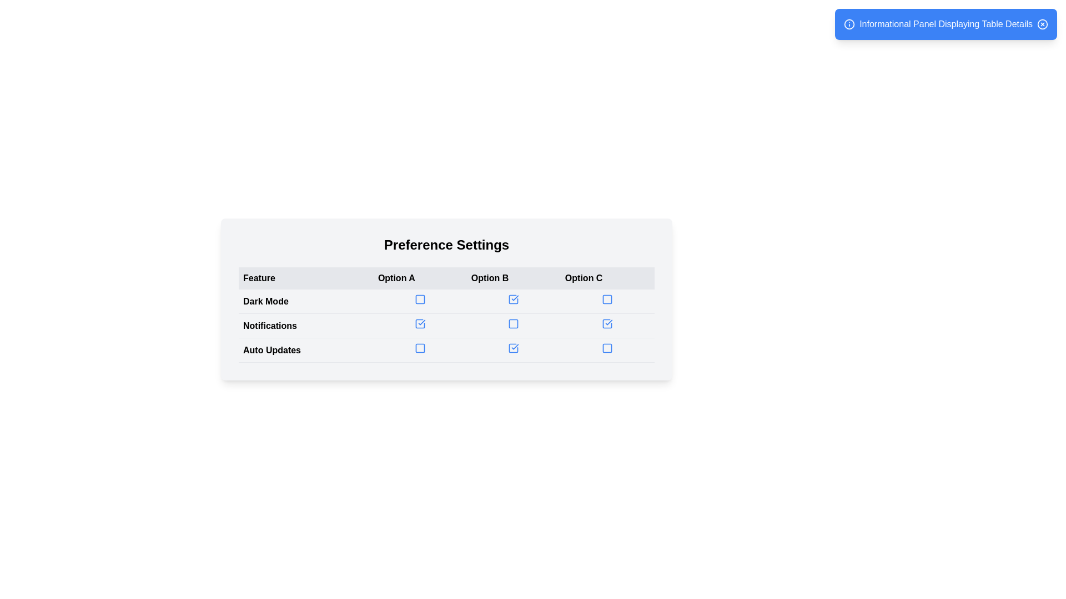 Image resolution: width=1066 pixels, height=599 pixels. I want to click on the checkbox located in the third column under the 'Option C' header and the third row labeled 'Notifications', so click(607, 325).